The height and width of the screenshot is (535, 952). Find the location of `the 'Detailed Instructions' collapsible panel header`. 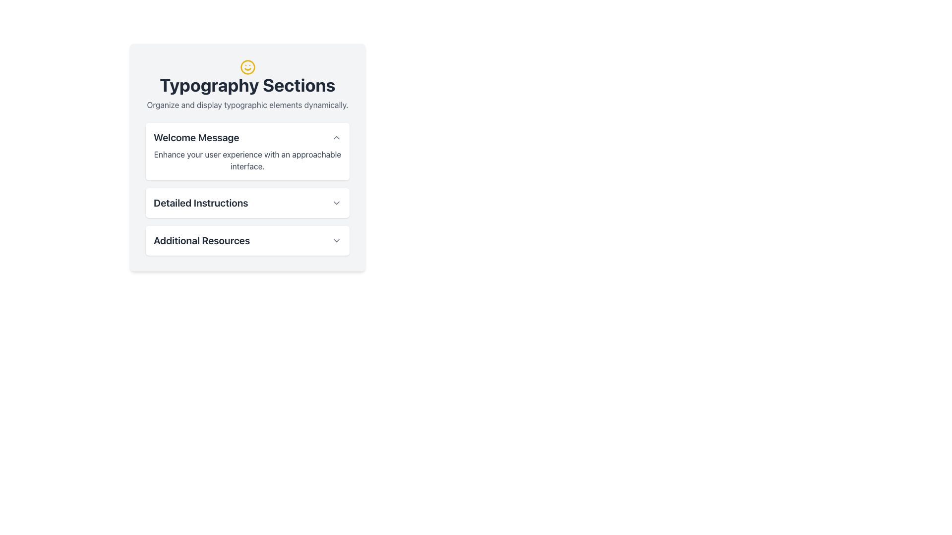

the 'Detailed Instructions' collapsible panel header is located at coordinates (247, 202).